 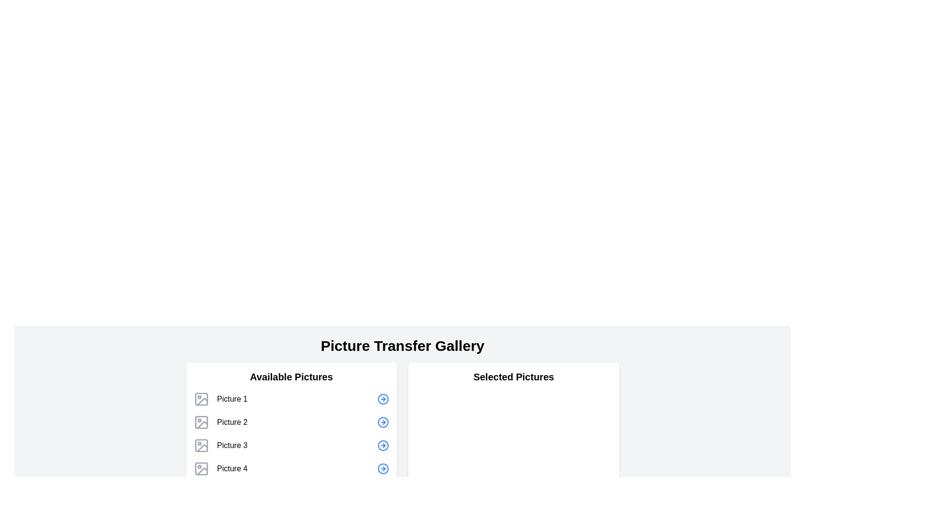 I want to click on the graphical icon representing 'Picture 4' in the available pictures list, which is part of an SVG layout and is located in the first column below the icons for 'Picture 1', 'Picture 2', and 'Picture 3', so click(x=201, y=468).